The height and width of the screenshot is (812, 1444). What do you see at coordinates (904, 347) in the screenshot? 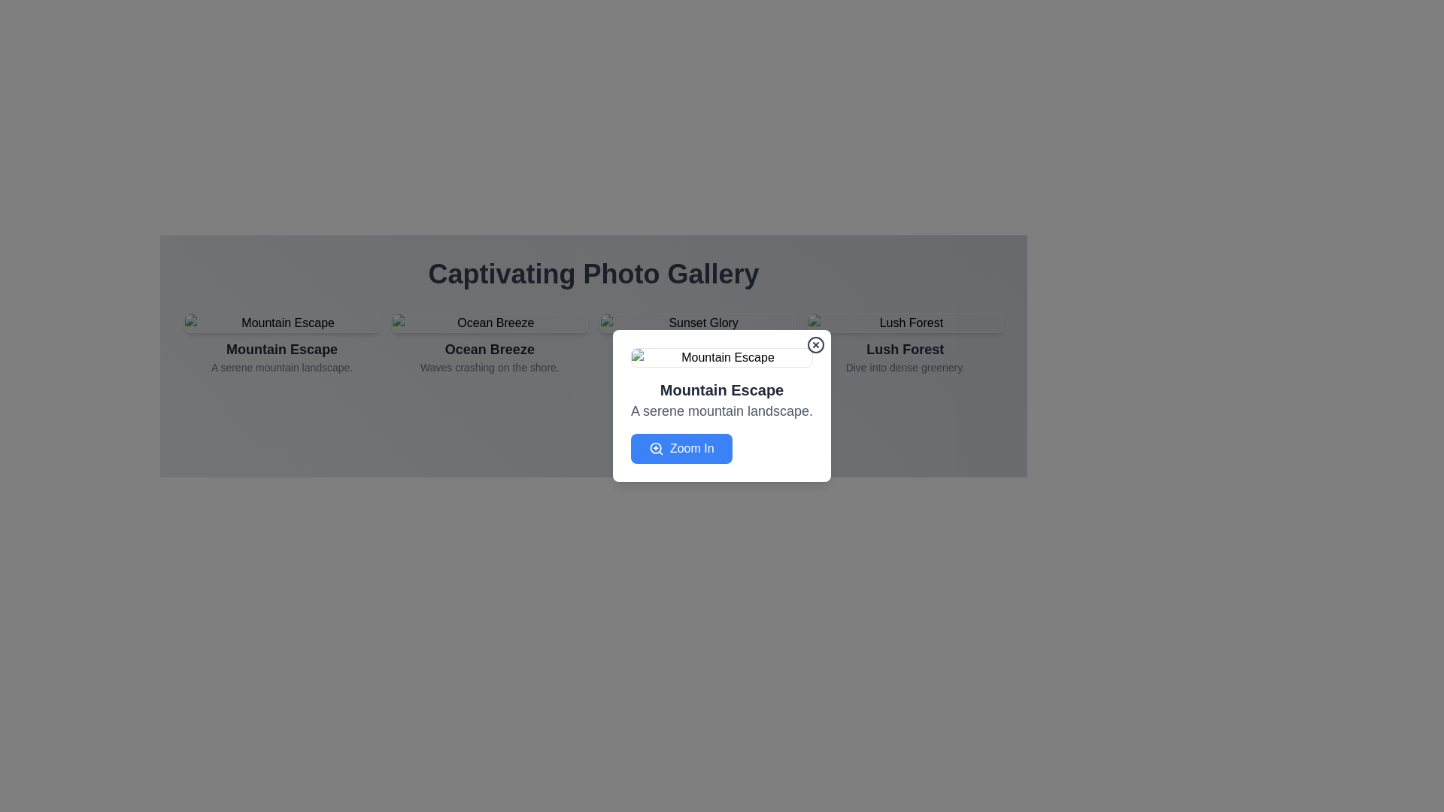
I see `the themed item card element located at the fourth position from the left in the grid layout` at bounding box center [904, 347].